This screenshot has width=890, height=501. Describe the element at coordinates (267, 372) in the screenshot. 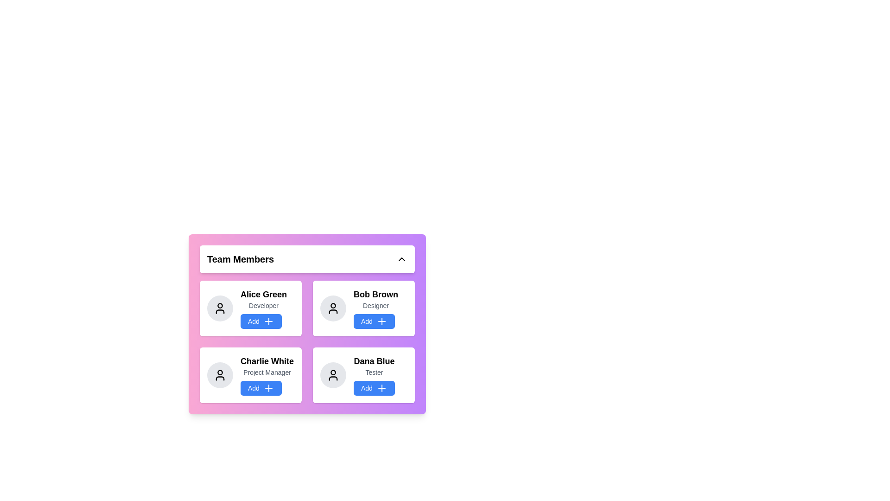

I see `the text label 'Project Manager', which is styled with a smaller font size and grey color, located below 'Charlie White' and above the 'Add' button within a card in the grid layout` at that location.